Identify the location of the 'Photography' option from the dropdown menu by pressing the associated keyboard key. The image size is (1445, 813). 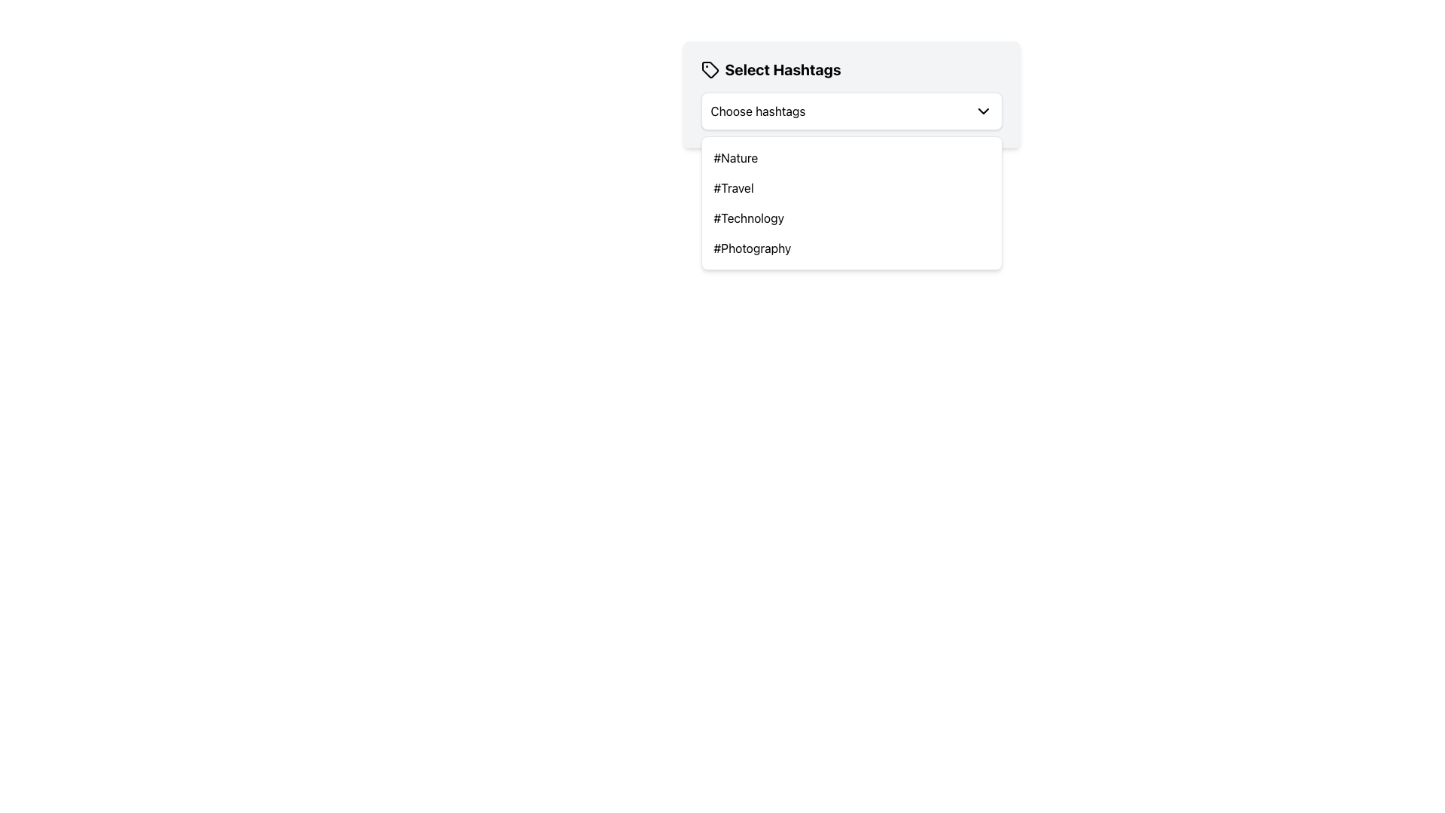
(851, 248).